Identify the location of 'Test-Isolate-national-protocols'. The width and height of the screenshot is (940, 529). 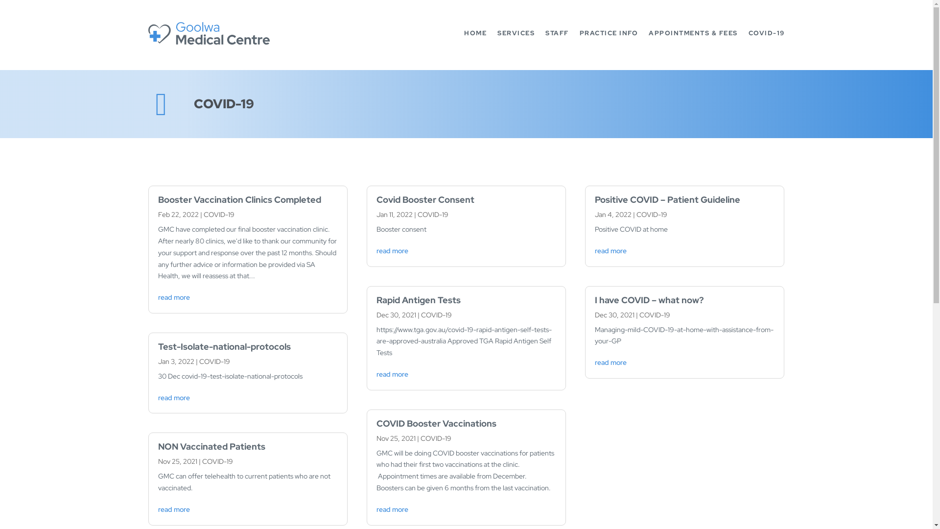
(223, 346).